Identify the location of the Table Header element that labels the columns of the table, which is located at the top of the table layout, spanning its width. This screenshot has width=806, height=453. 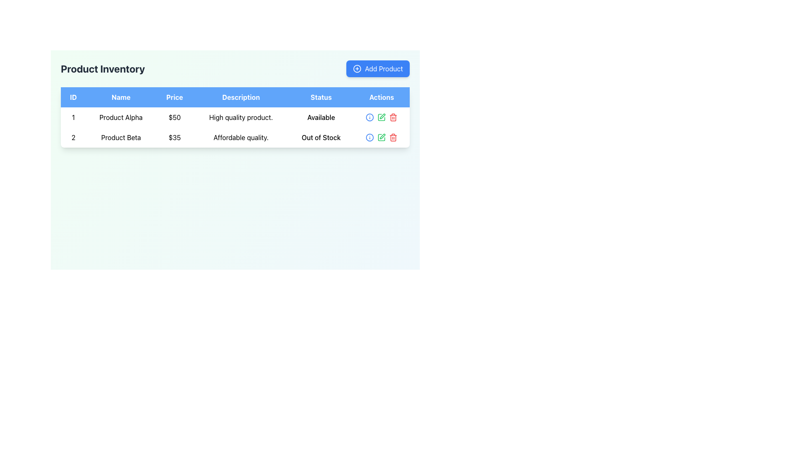
(235, 96).